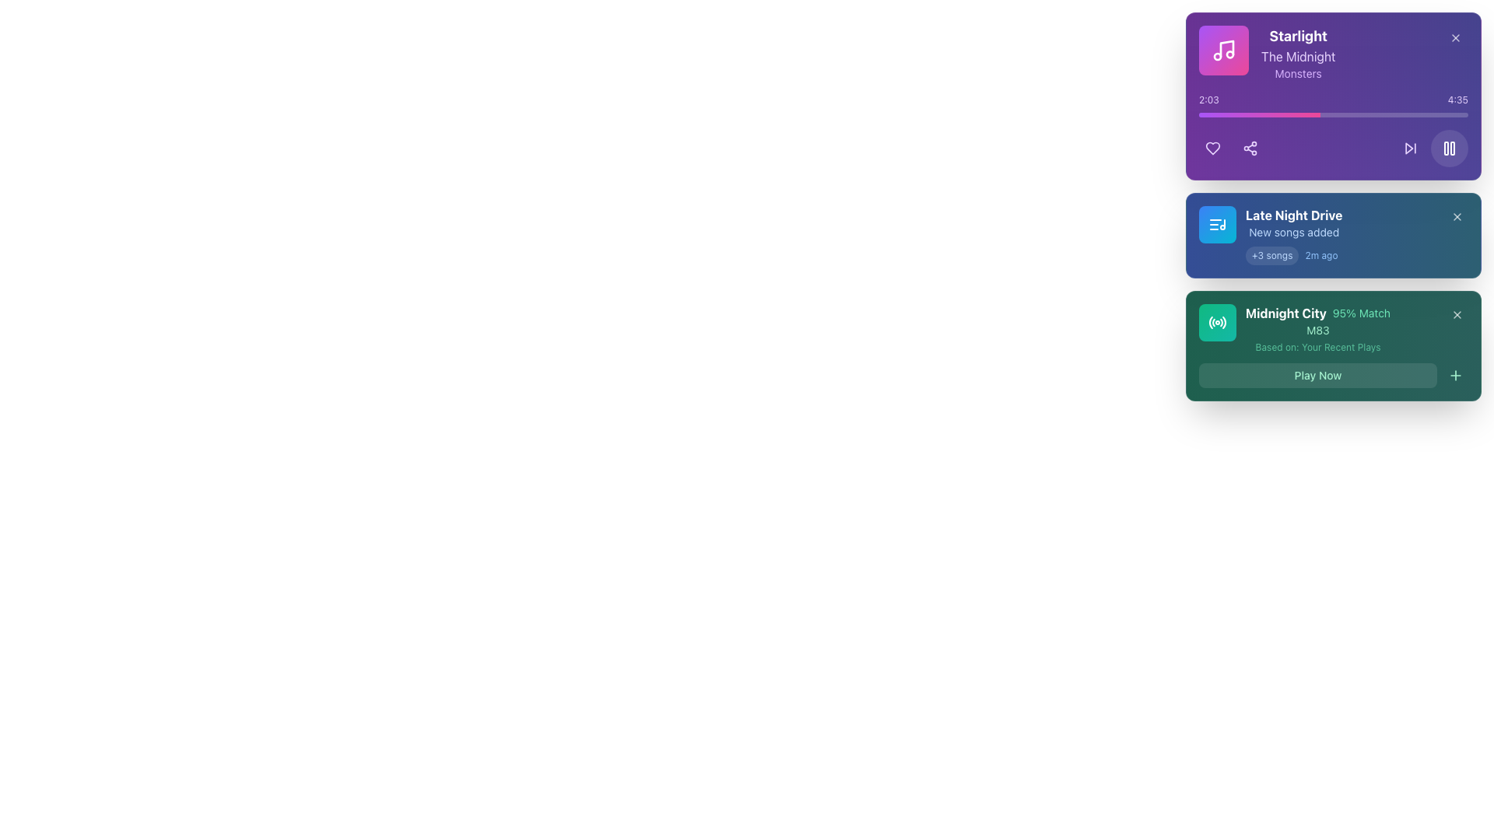 The width and height of the screenshot is (1494, 840). What do you see at coordinates (1457, 100) in the screenshot?
I see `the text label displaying '4:35'` at bounding box center [1457, 100].